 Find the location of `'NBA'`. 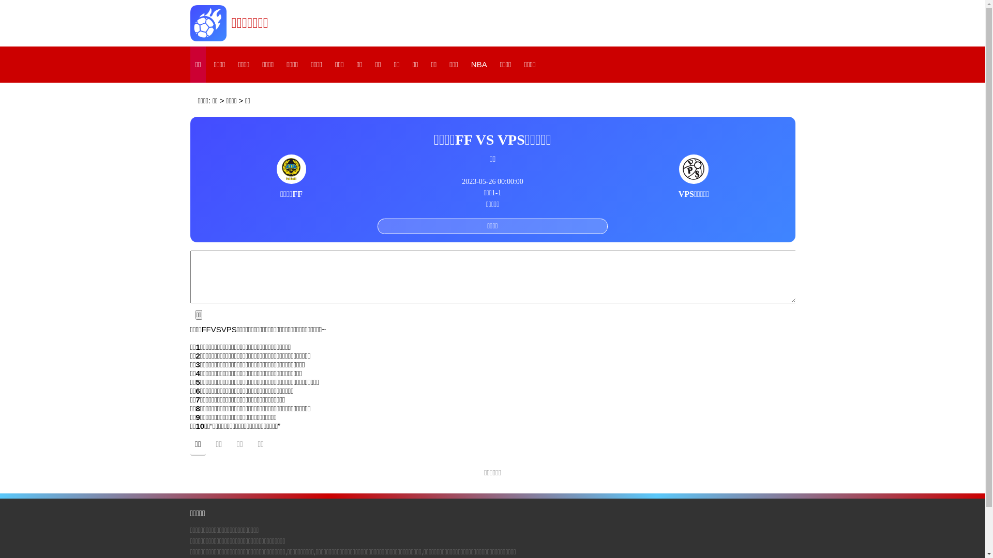

'NBA' is located at coordinates (478, 64).